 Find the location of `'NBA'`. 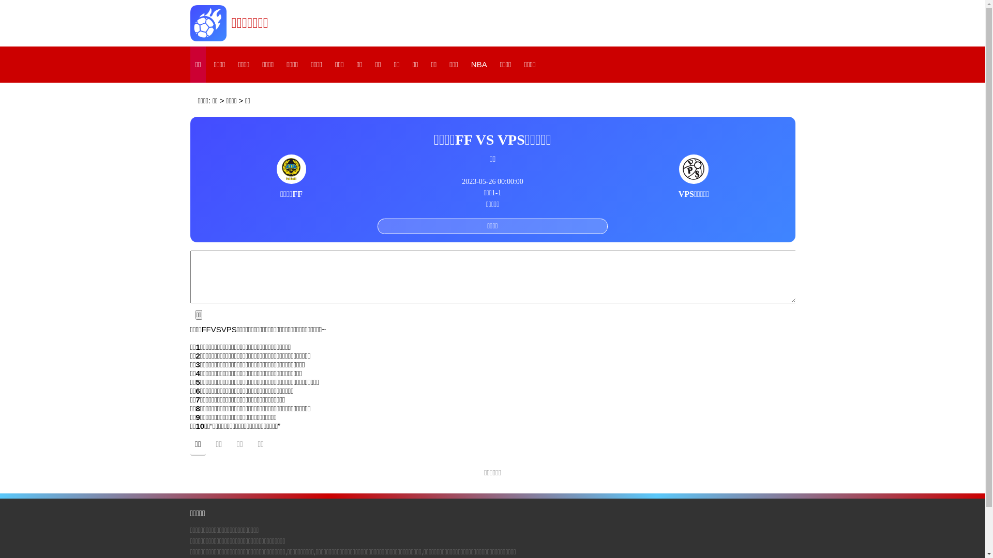

'NBA' is located at coordinates (478, 64).